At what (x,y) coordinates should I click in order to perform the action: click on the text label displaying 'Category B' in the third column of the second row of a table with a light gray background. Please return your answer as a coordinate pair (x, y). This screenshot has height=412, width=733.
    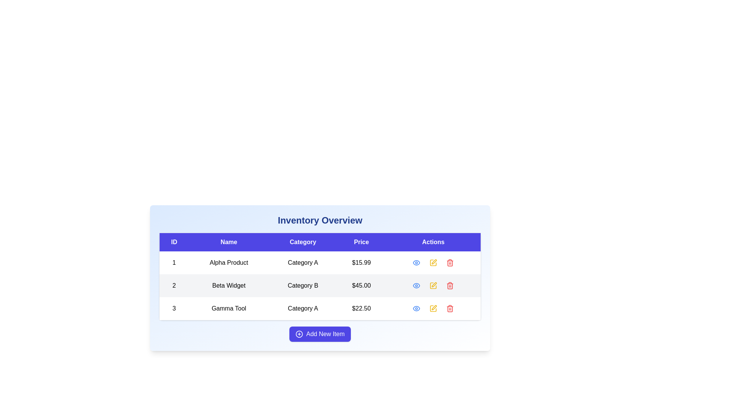
    Looking at the image, I should click on (302, 285).